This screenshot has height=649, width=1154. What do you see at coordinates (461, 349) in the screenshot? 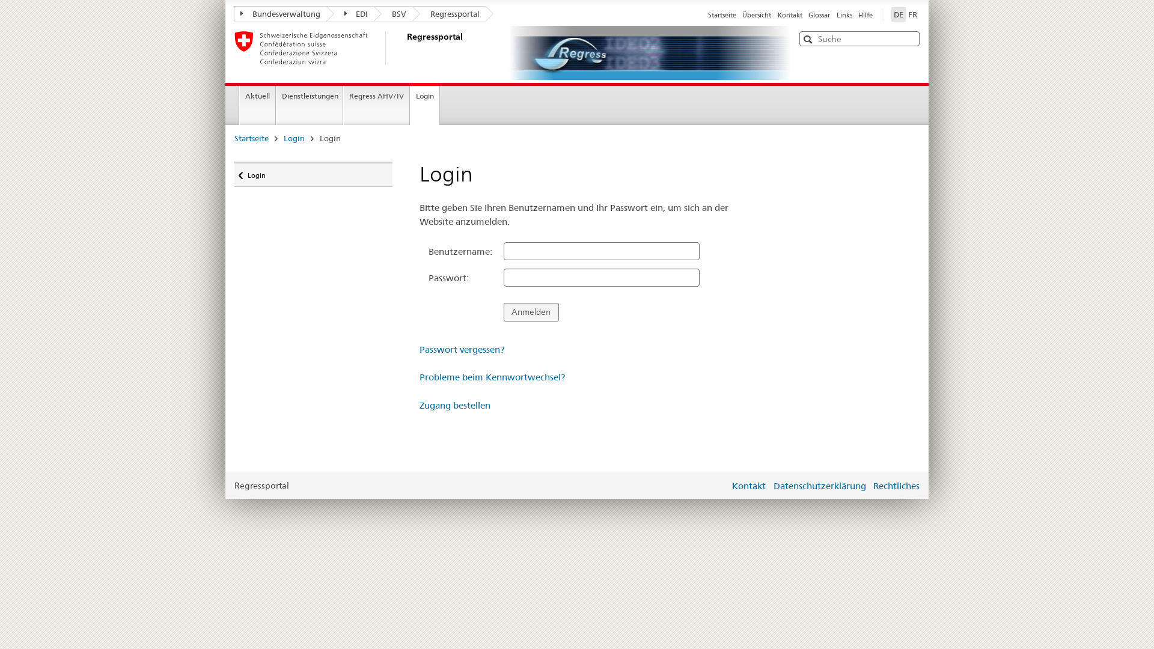
I see `'Passwort vergessen?'` at bounding box center [461, 349].